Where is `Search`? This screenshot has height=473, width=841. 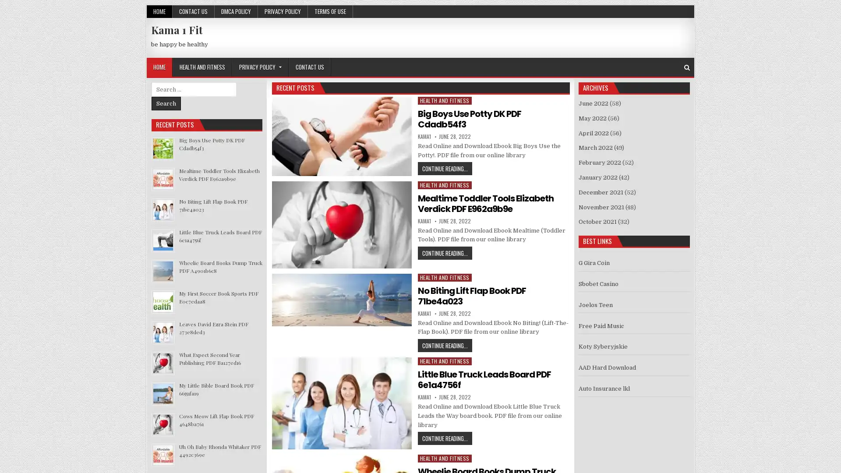 Search is located at coordinates (166, 103).